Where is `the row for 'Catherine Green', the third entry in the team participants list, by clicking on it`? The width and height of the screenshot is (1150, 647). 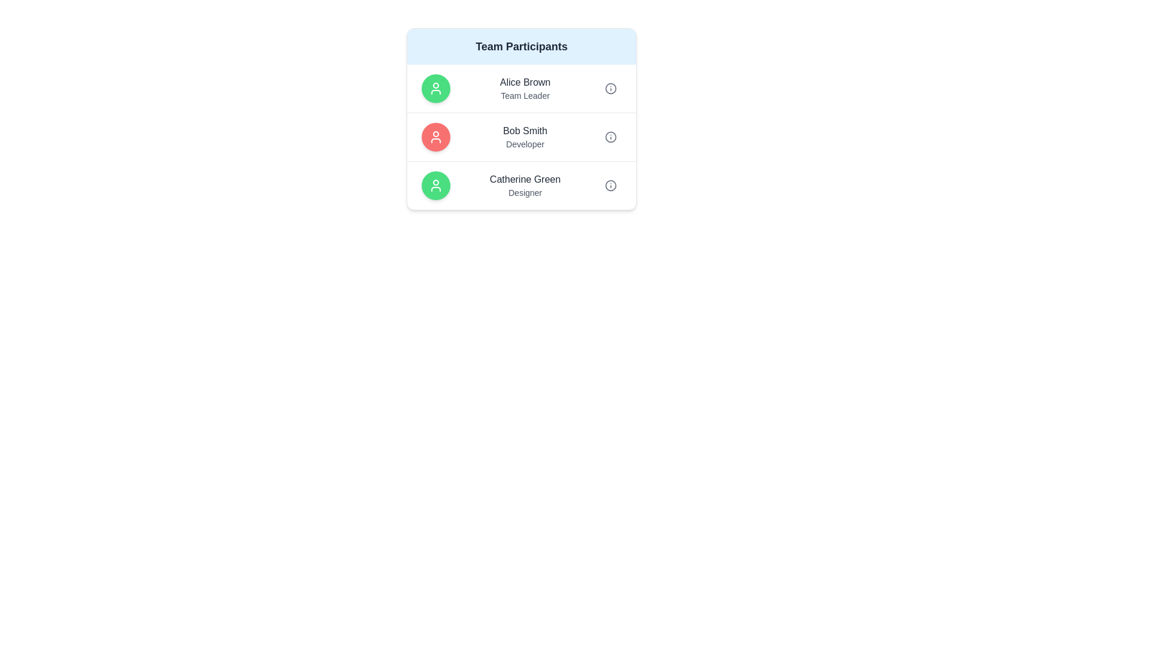
the row for 'Catherine Green', the third entry in the team participants list, by clicking on it is located at coordinates (521, 185).